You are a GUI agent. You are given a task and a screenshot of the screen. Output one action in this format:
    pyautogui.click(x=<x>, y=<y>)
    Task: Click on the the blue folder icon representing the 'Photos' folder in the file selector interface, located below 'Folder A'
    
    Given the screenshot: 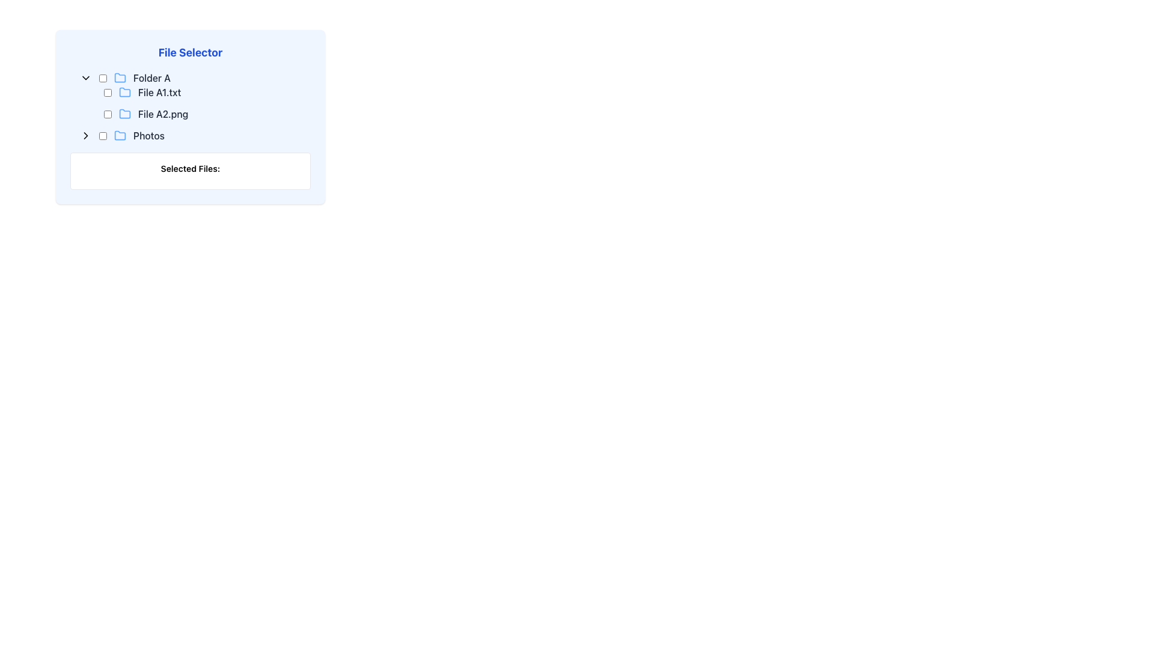 What is the action you would take?
    pyautogui.click(x=120, y=135)
    